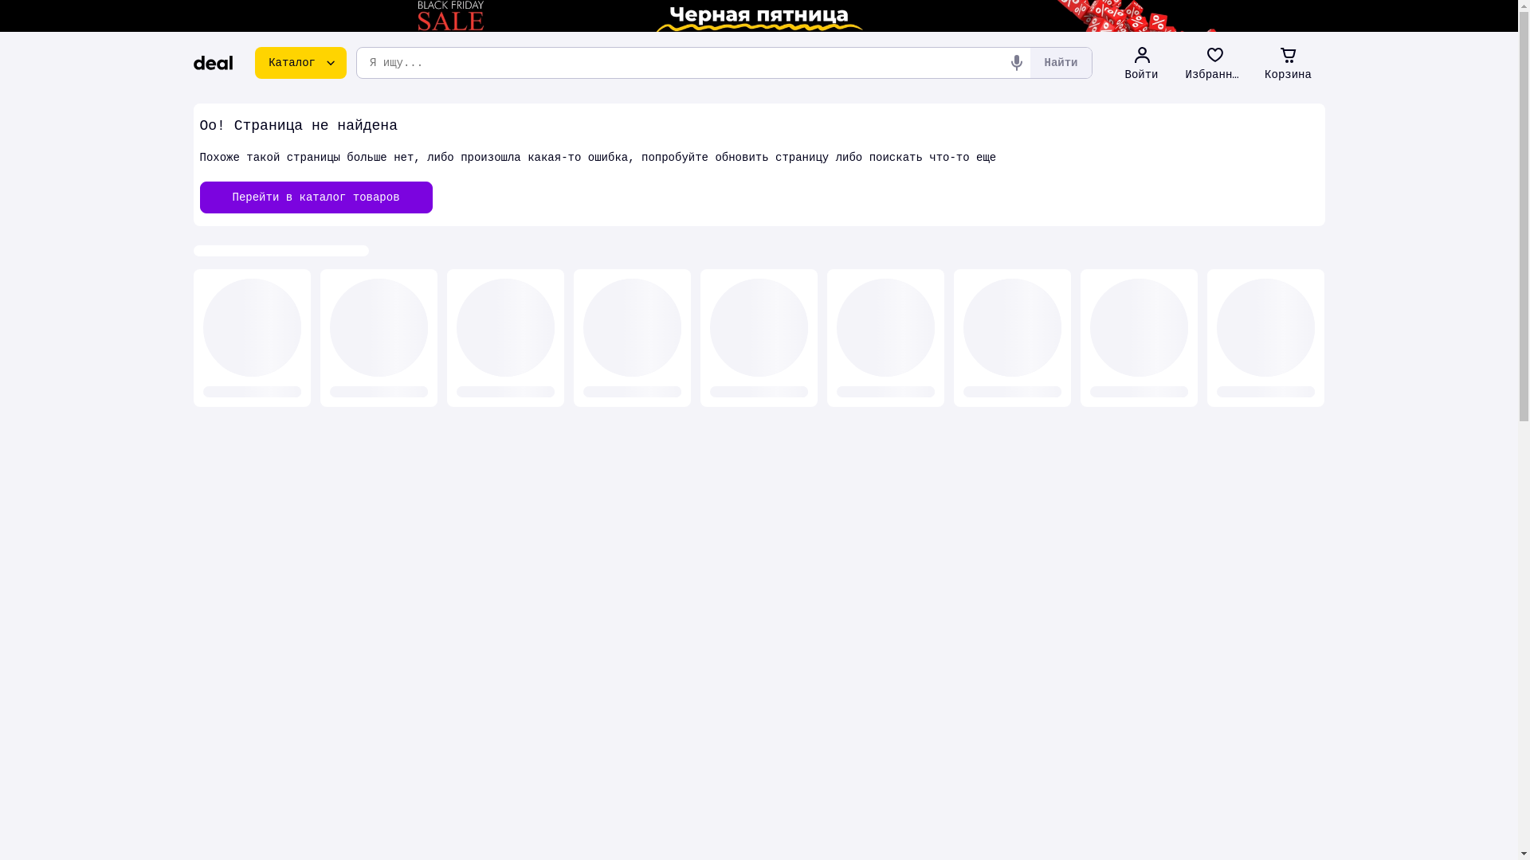 The height and width of the screenshot is (860, 1530). What do you see at coordinates (212, 61) in the screenshot?
I see `'deal.by'` at bounding box center [212, 61].